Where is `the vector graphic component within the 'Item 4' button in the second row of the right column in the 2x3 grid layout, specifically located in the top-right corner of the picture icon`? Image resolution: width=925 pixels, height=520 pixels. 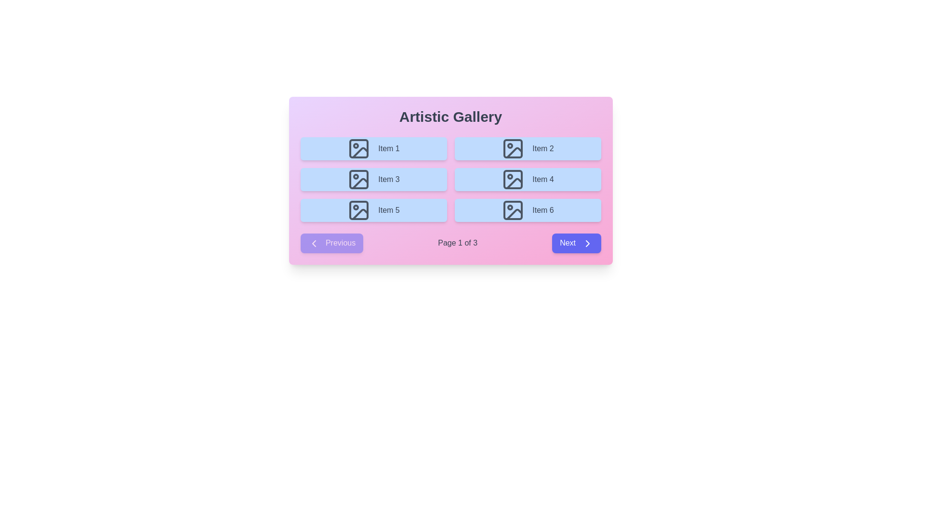
the vector graphic component within the 'Item 4' button in the second row of the right column in the 2x3 grid layout, specifically located in the top-right corner of the picture icon is located at coordinates (514, 183).